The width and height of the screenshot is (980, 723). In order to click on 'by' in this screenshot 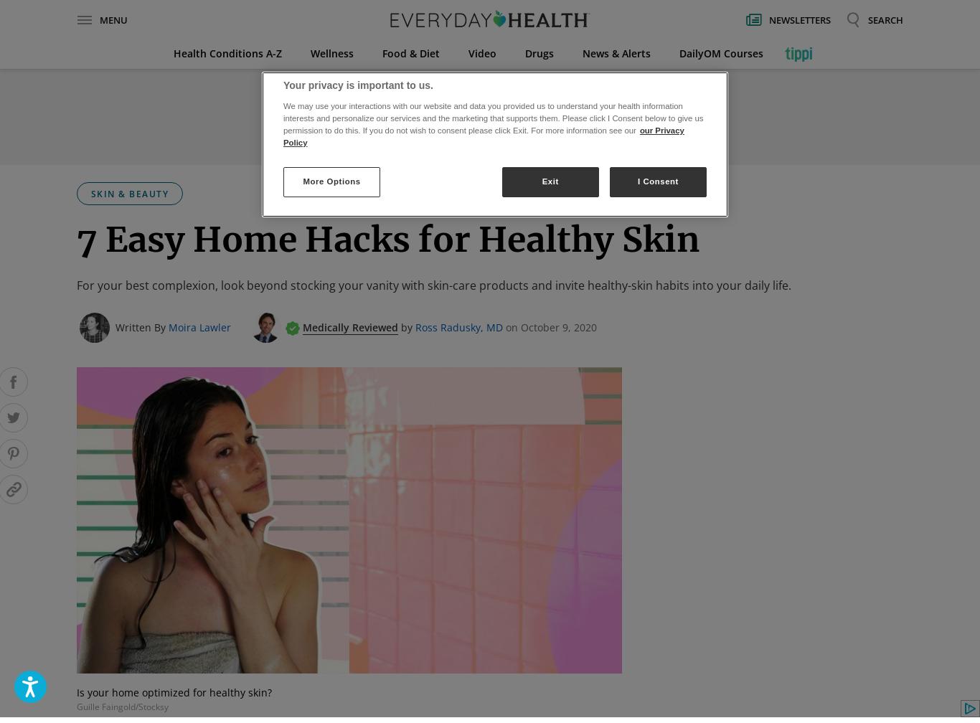, I will do `click(407, 326)`.